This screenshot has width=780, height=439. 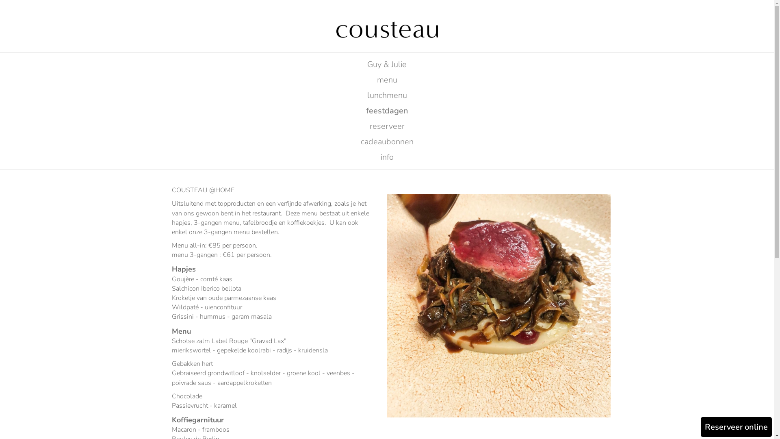 I want to click on 'info', so click(x=386, y=157).